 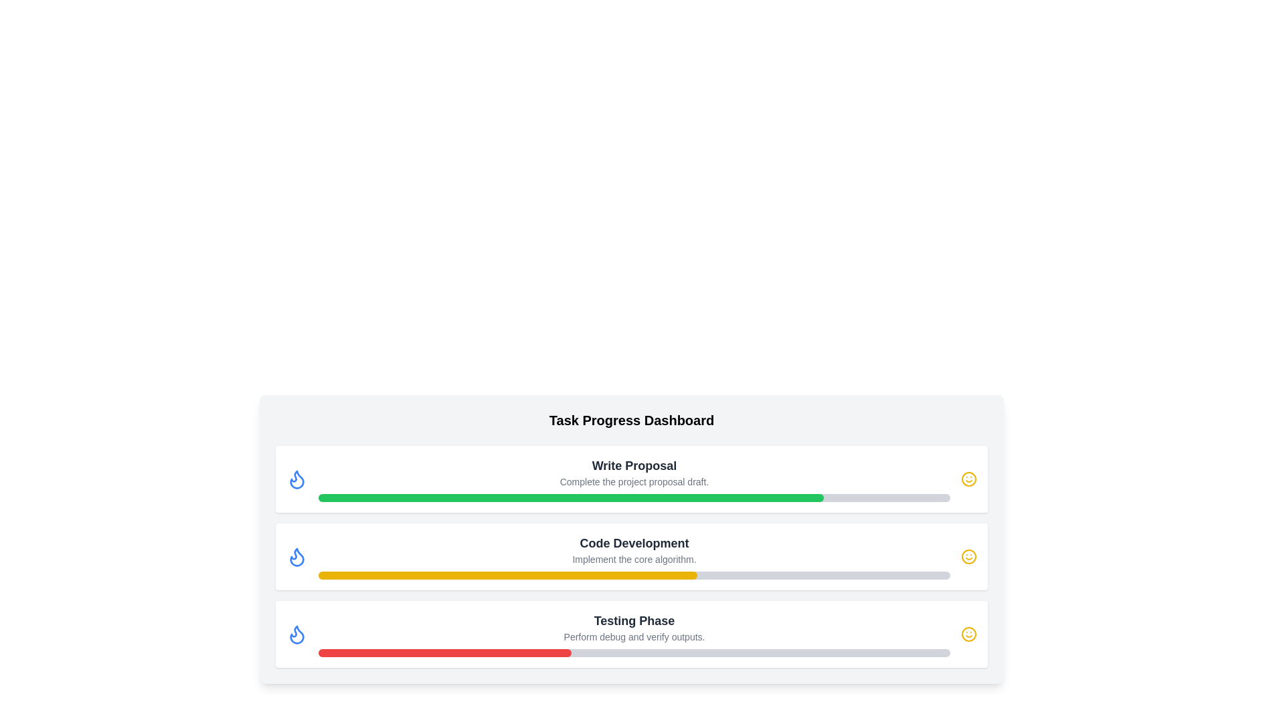 What do you see at coordinates (634, 574) in the screenshot?
I see `the progress bar representing the completion percentage of the 'Code Development' task, located in the second task card of the task list` at bounding box center [634, 574].